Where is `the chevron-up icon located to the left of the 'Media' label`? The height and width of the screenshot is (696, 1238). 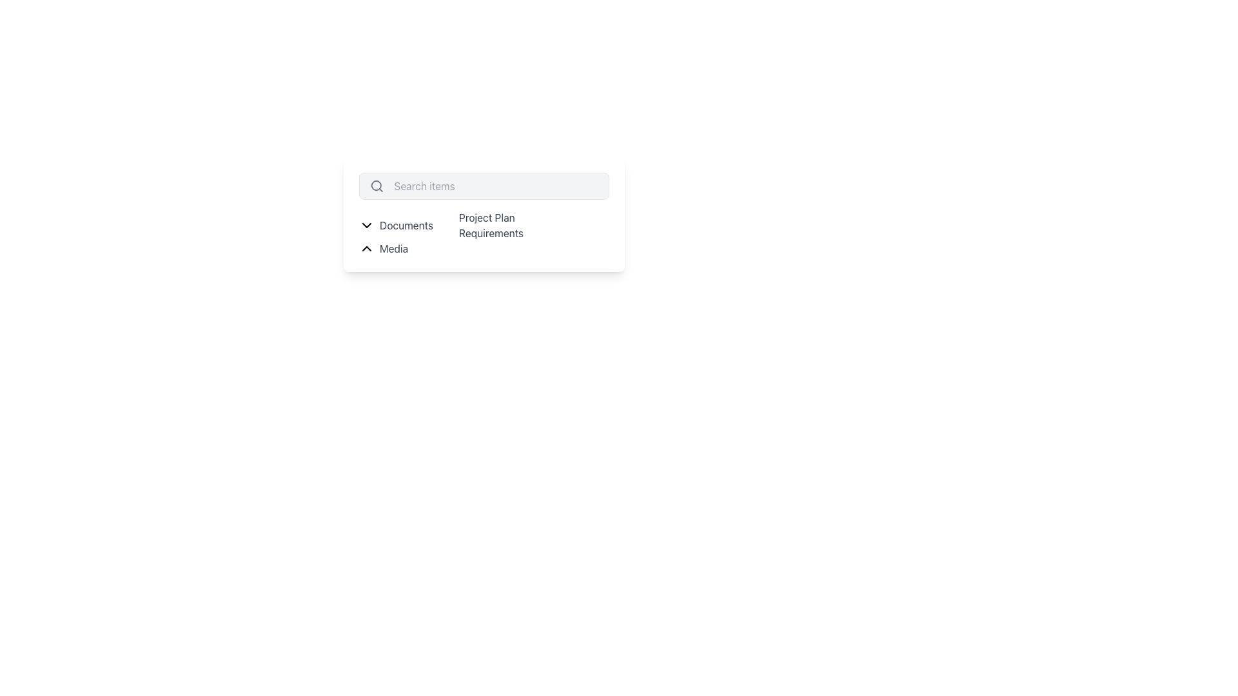
the chevron-up icon located to the left of the 'Media' label is located at coordinates (366, 248).